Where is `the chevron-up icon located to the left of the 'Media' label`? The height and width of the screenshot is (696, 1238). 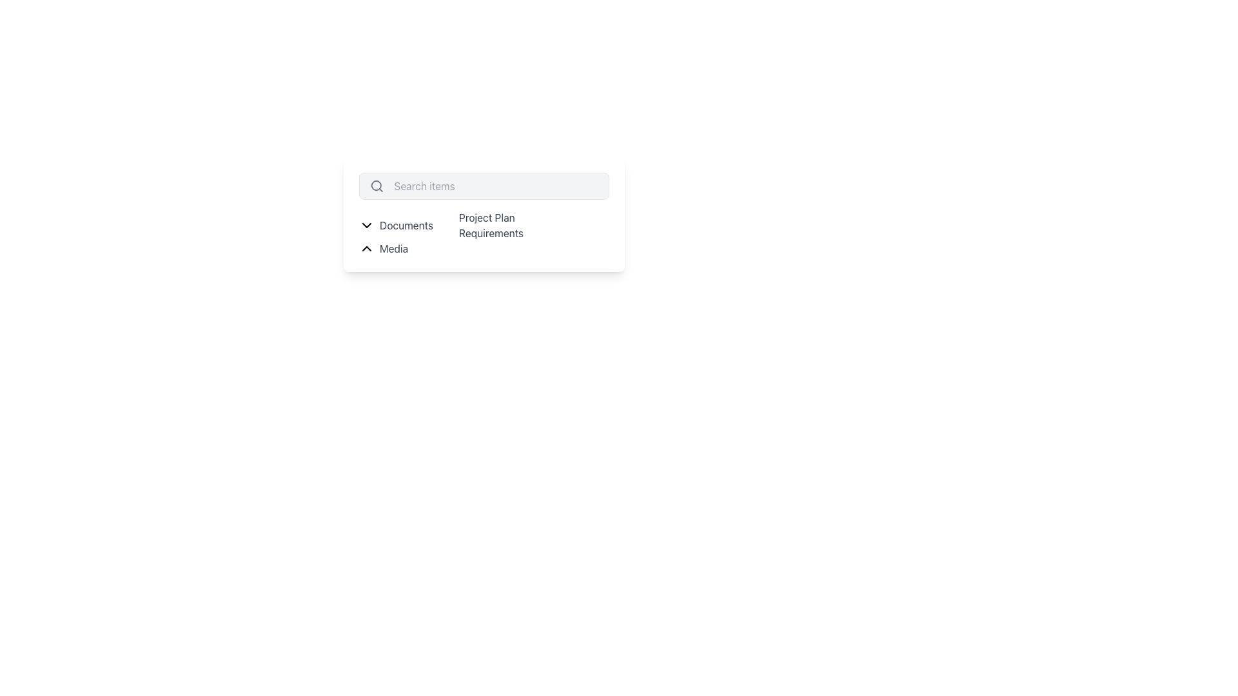
the chevron-up icon located to the left of the 'Media' label is located at coordinates (366, 248).